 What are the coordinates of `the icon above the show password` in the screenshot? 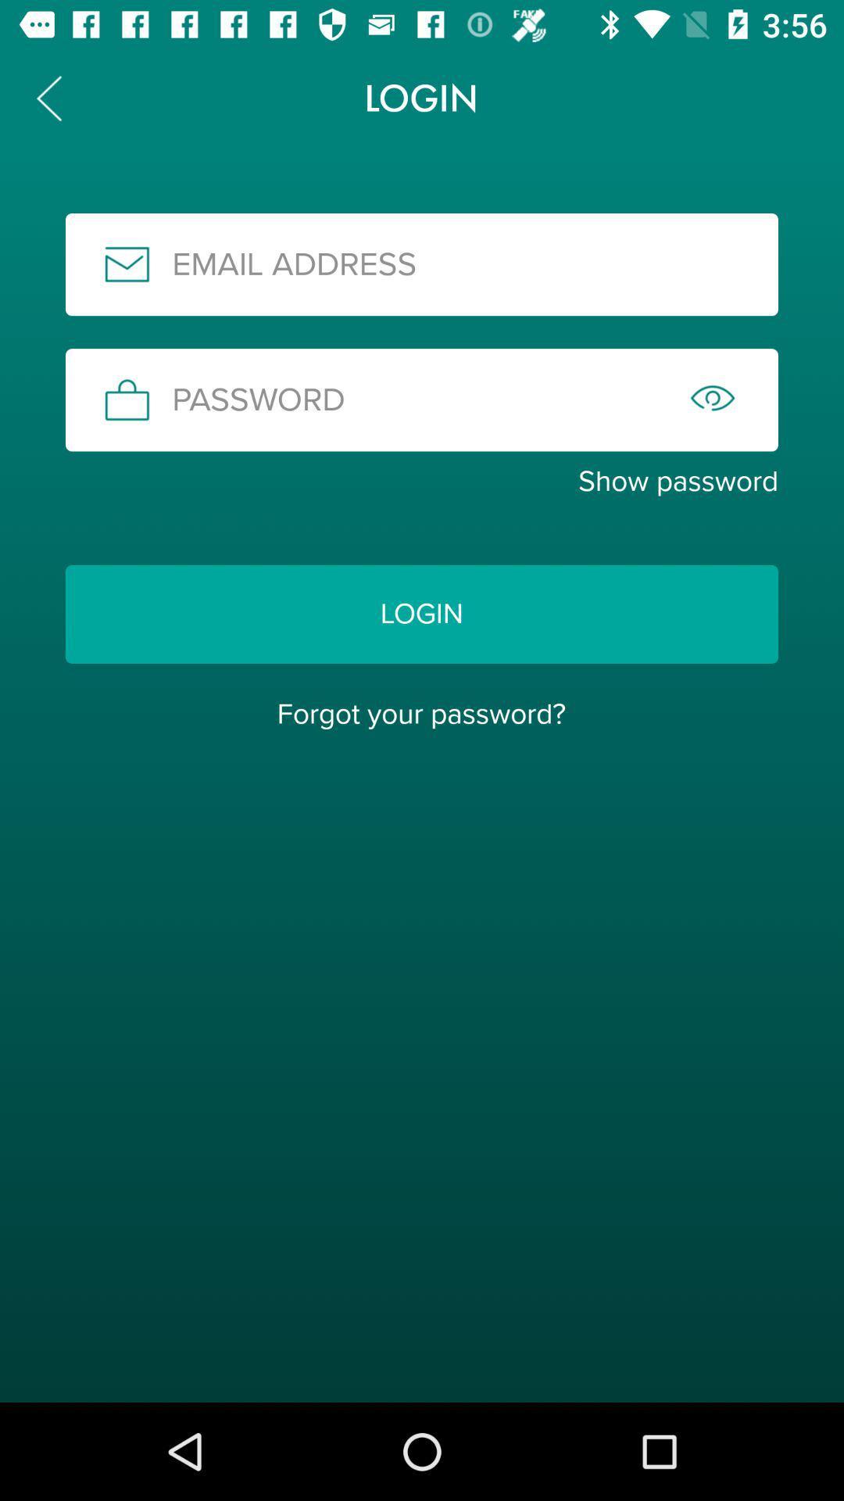 It's located at (422, 399).